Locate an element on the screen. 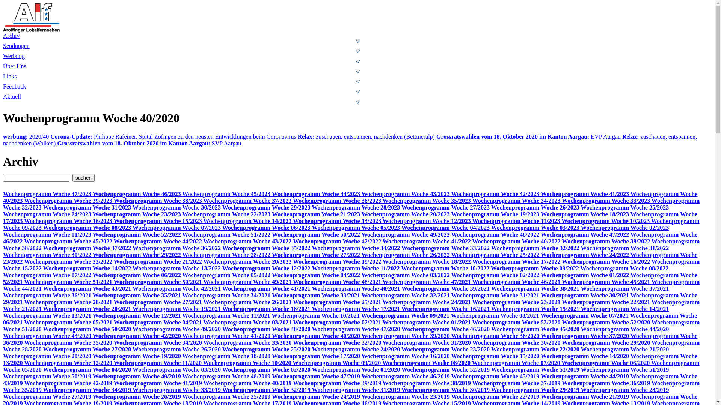 The width and height of the screenshot is (721, 405). 'Wochenprogramm Woche 03/2020' is located at coordinates (177, 369).